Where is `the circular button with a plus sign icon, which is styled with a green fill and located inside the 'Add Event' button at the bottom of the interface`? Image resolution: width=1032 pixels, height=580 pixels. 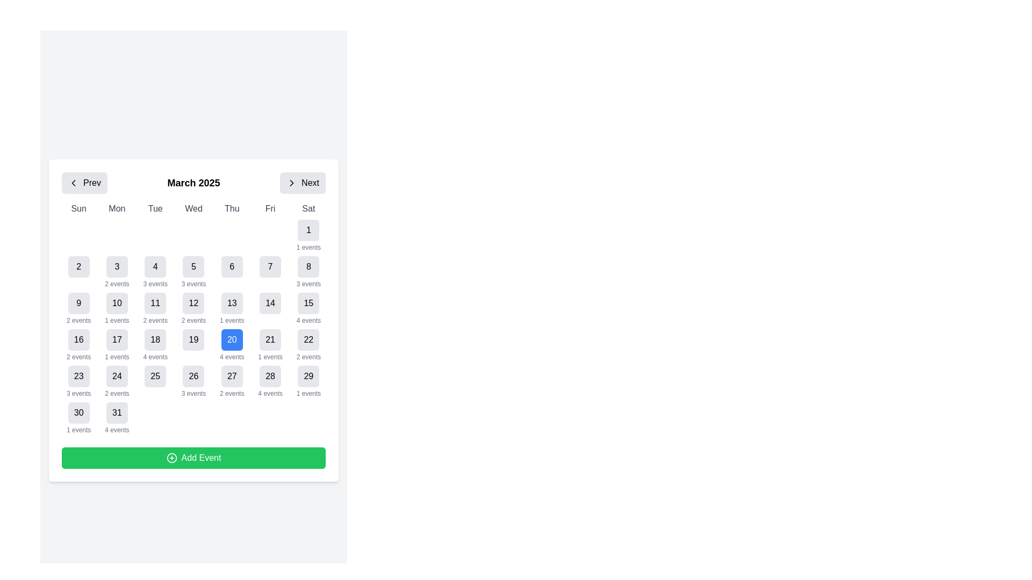
the circular button with a plus sign icon, which is styled with a green fill and located inside the 'Add Event' button at the bottom of the interface is located at coordinates (171, 458).